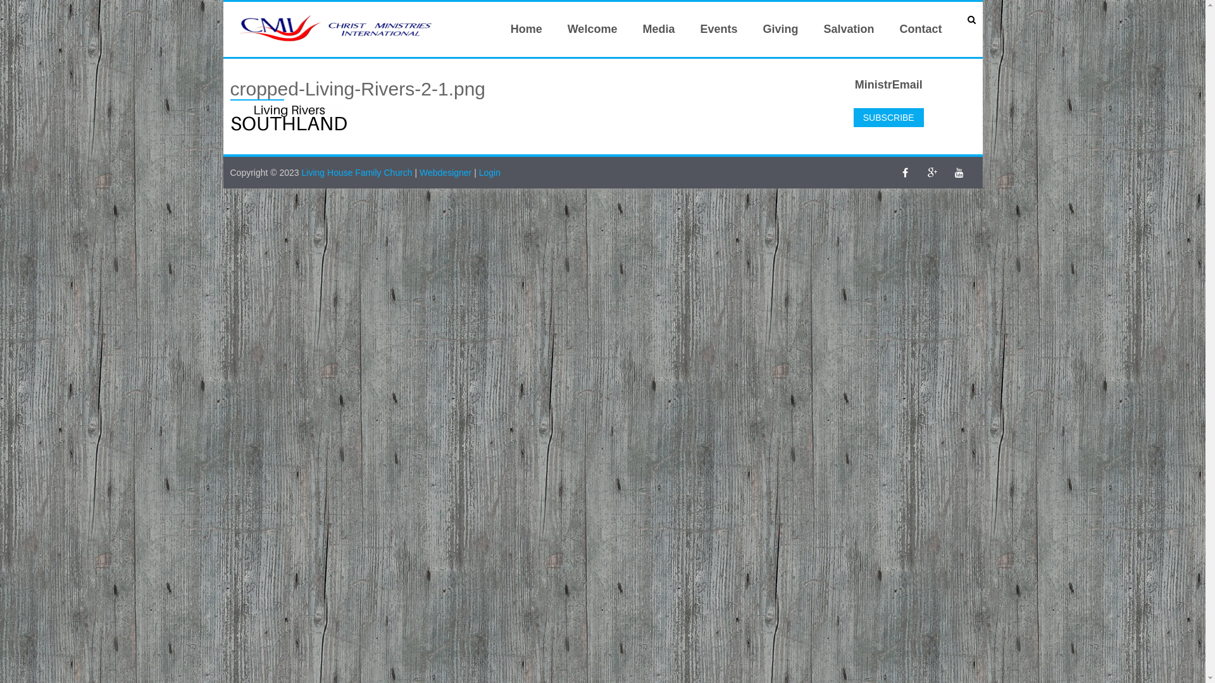 The image size is (1215, 683). I want to click on 'Webdesigner', so click(419, 173).